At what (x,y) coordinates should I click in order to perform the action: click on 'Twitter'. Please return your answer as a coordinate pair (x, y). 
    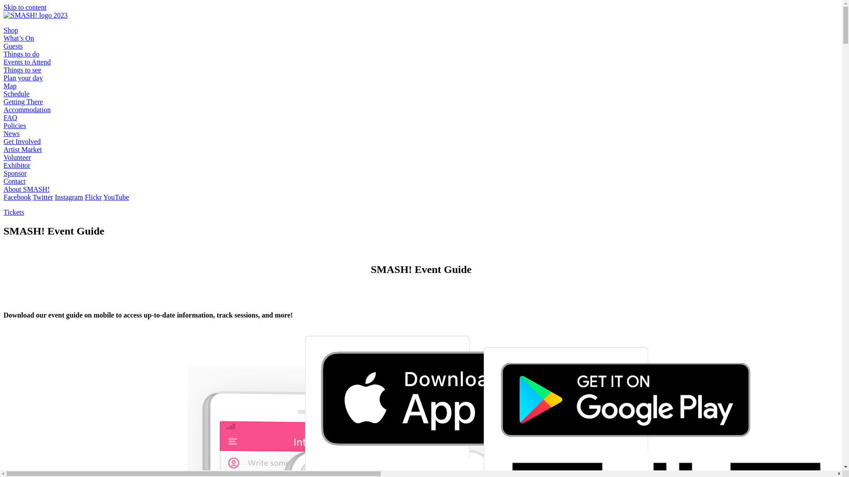
    Looking at the image, I should click on (42, 197).